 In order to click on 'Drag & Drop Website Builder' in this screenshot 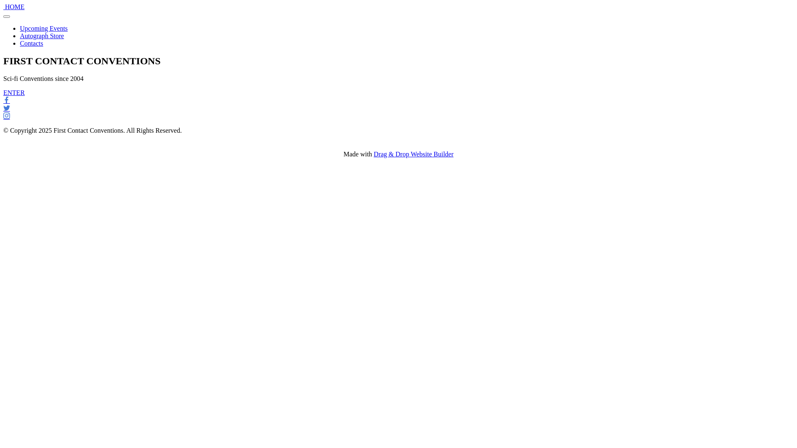, I will do `click(413, 154)`.